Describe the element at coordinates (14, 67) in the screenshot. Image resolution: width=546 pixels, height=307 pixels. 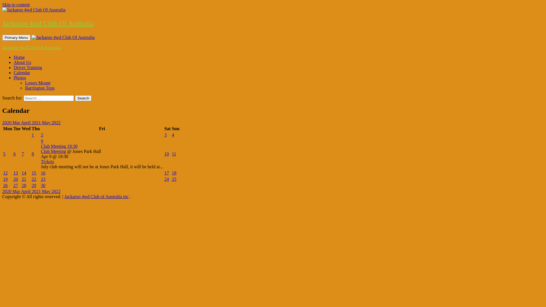
I see `'Driver Training'` at that location.